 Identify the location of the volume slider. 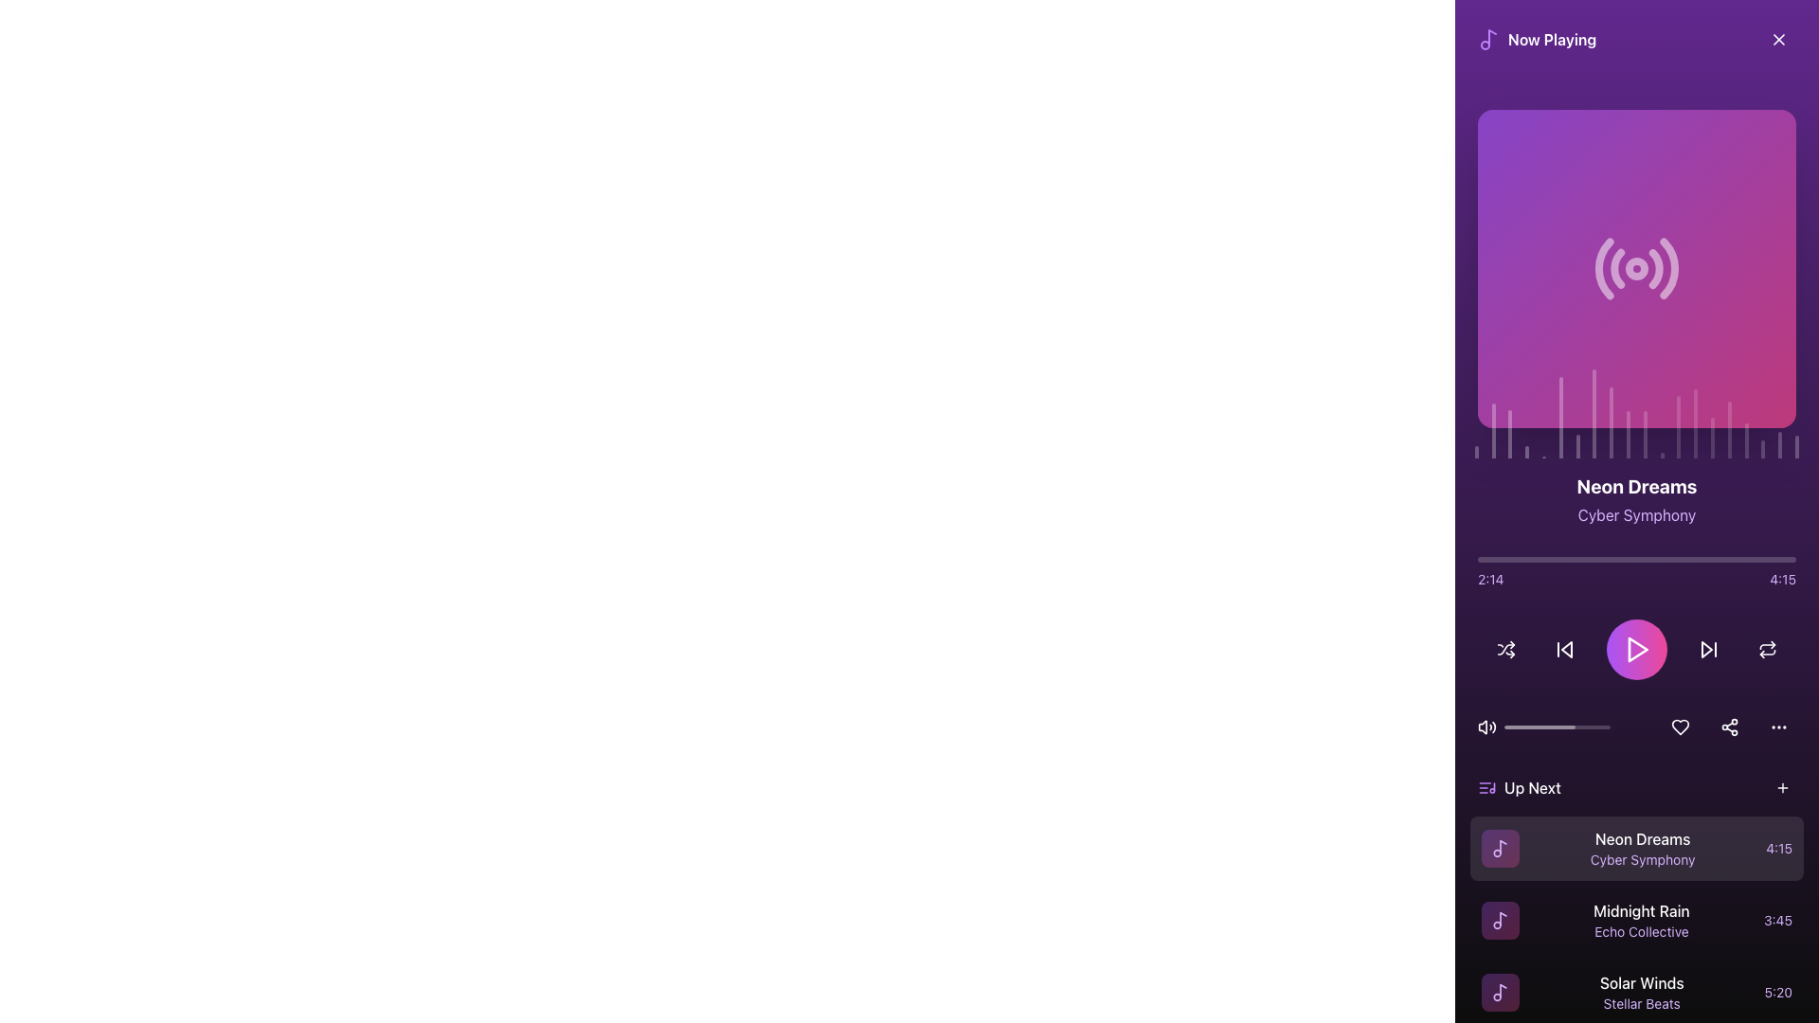
(1555, 726).